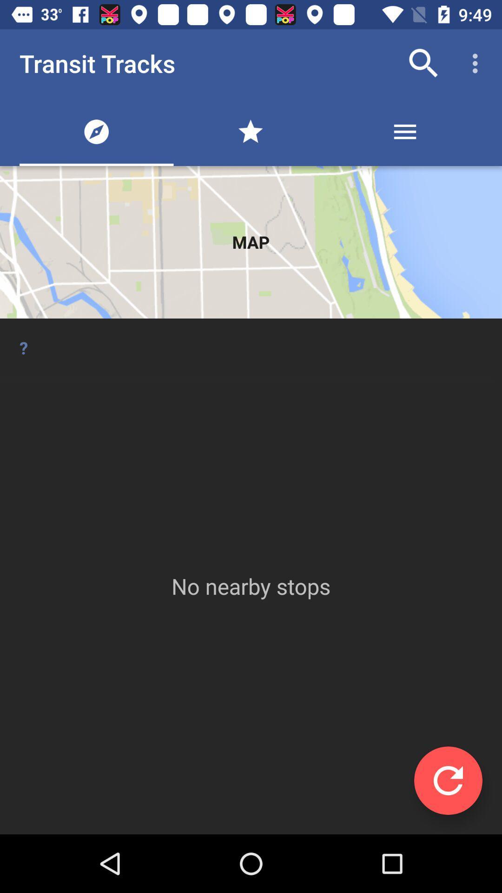 Image resolution: width=502 pixels, height=893 pixels. Describe the element at coordinates (96, 131) in the screenshot. I see `the first icon below transit tracks` at that location.